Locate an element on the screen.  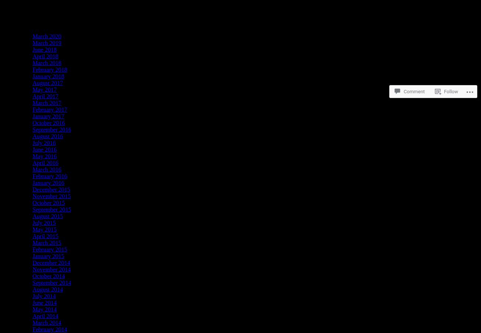
'July 2014' is located at coordinates (43, 296).